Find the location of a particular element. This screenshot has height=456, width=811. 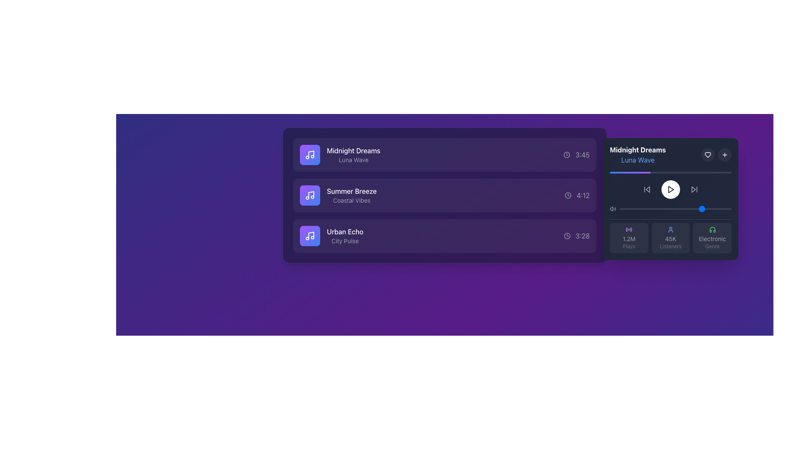

the 'Urban Echo' text label, which is displayed in bold white font against a dark purple background, located as the upper text in the third item of a vertically aligned list is located at coordinates (345, 231).